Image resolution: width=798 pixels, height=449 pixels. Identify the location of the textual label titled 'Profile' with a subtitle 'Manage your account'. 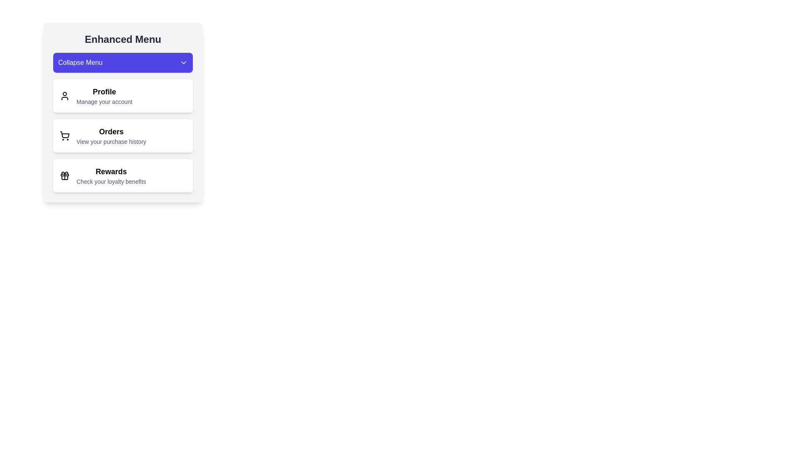
(104, 96).